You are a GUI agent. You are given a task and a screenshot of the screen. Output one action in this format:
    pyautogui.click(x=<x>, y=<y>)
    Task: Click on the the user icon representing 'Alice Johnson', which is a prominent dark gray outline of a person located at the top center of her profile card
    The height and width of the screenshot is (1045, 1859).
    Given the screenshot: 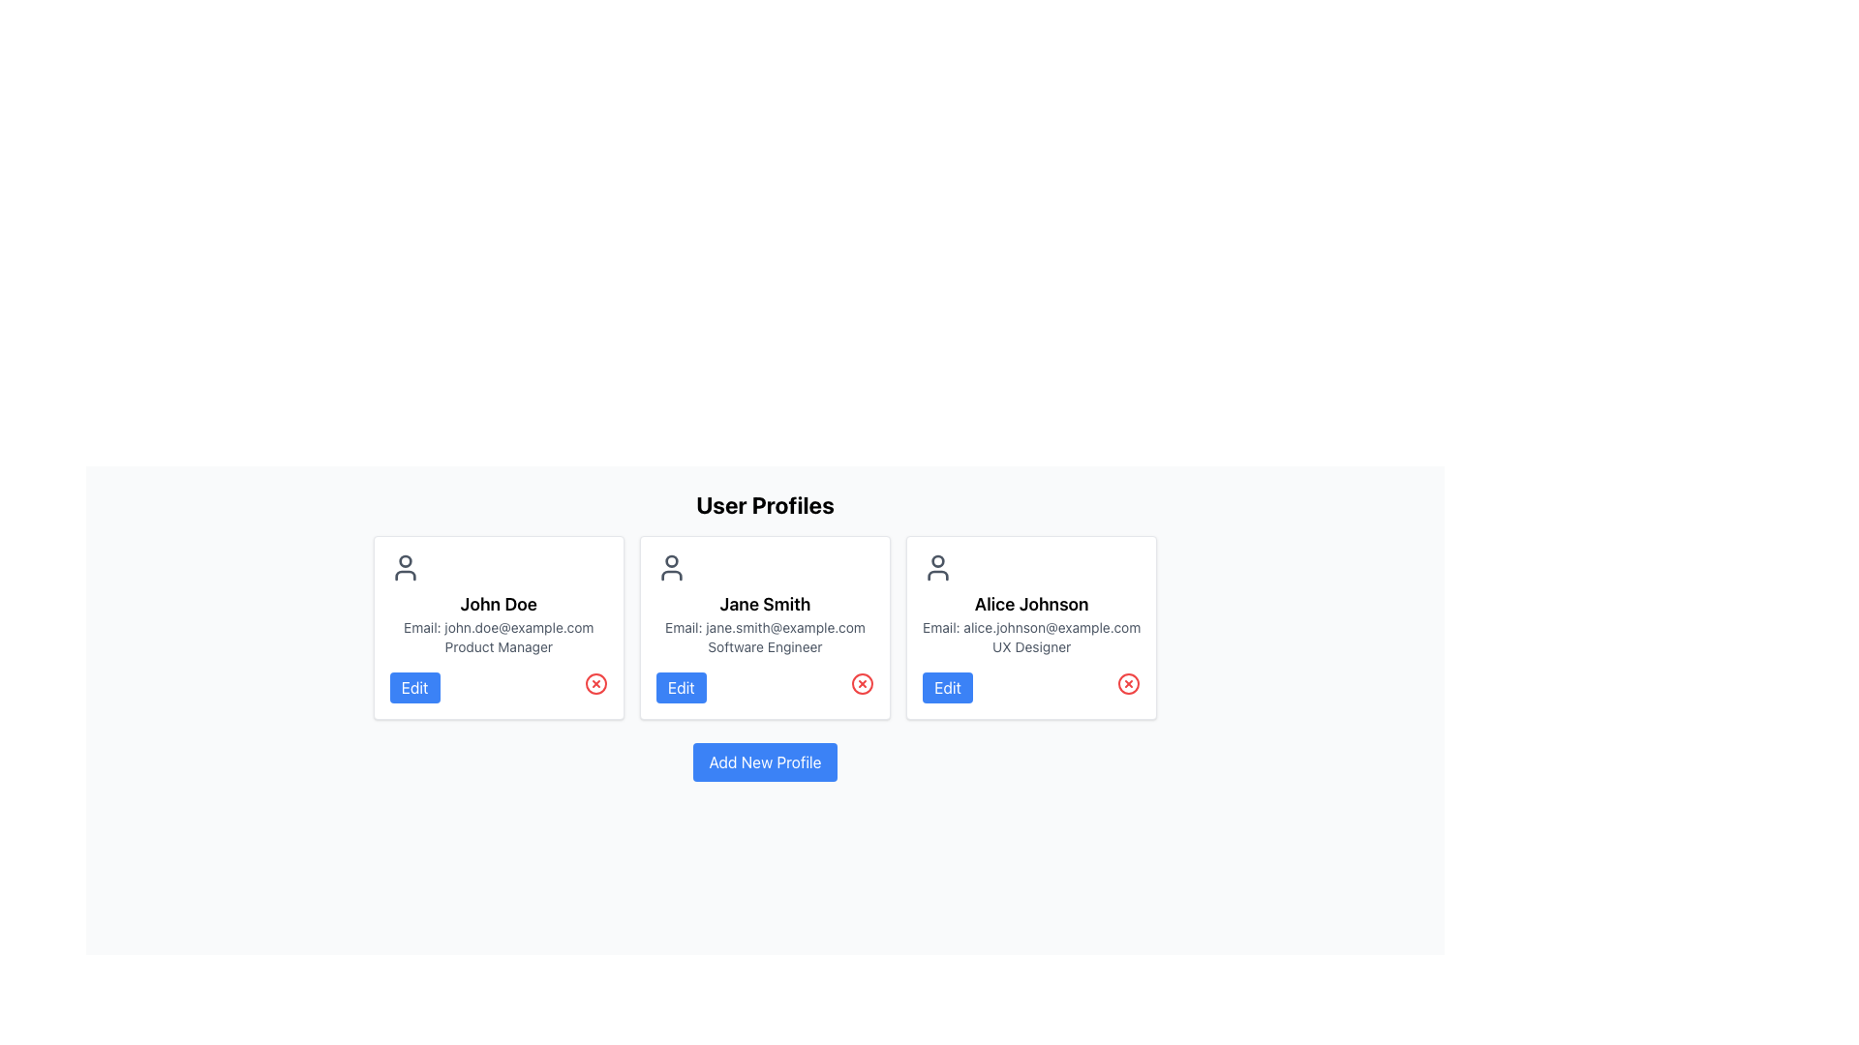 What is the action you would take?
    pyautogui.click(x=938, y=566)
    